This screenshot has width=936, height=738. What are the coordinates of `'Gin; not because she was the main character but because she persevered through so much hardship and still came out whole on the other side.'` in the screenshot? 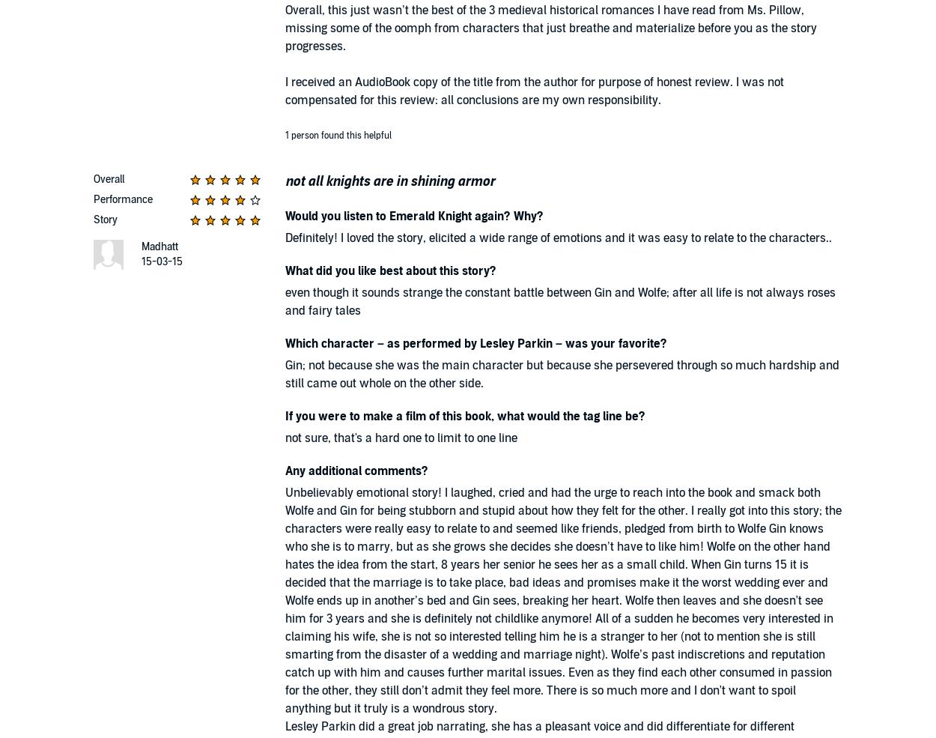 It's located at (562, 374).